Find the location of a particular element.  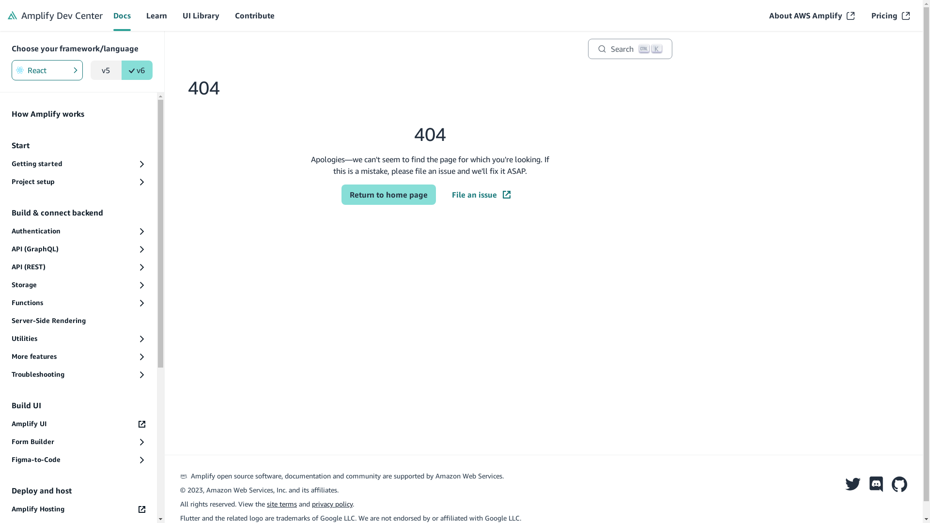

'Pricing' is located at coordinates (890, 15).